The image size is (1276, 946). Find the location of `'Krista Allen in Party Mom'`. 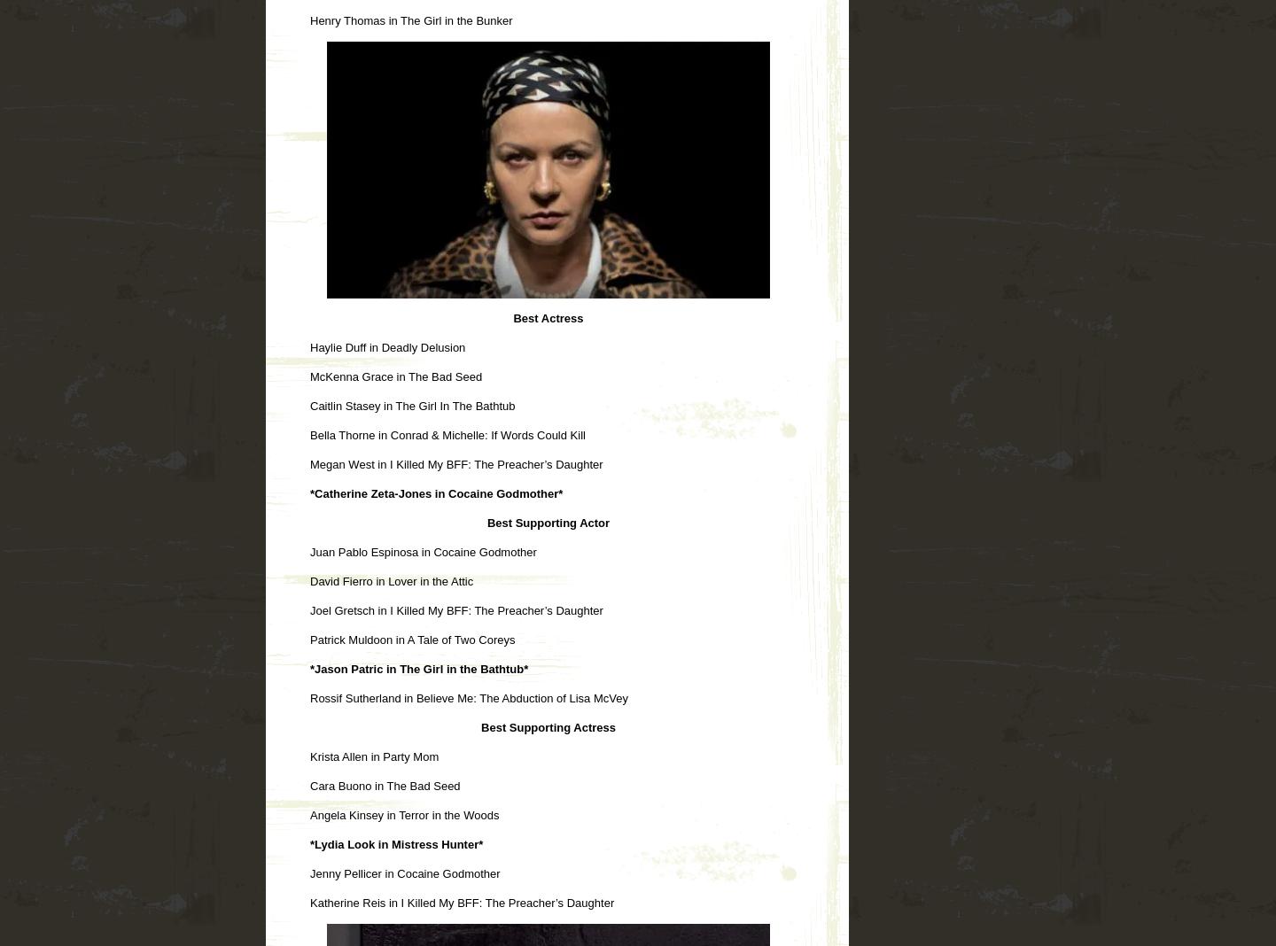

'Krista Allen in Party Mom' is located at coordinates (310, 755).